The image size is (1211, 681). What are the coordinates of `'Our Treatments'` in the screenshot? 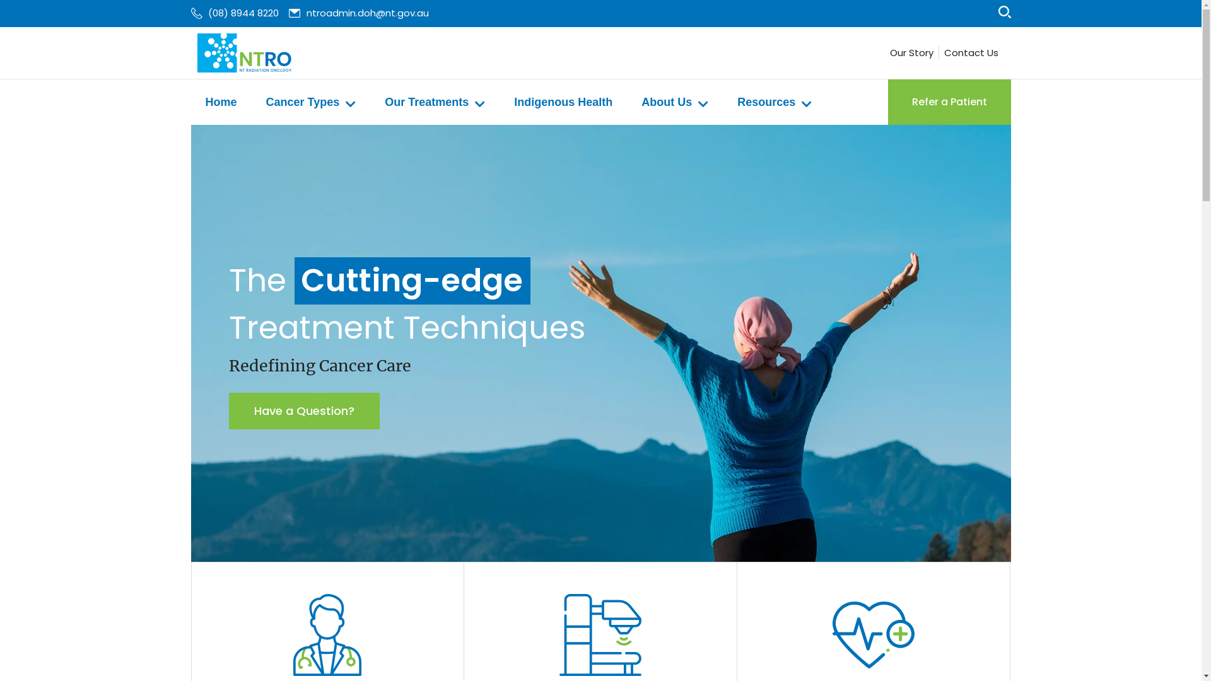 It's located at (435, 102).